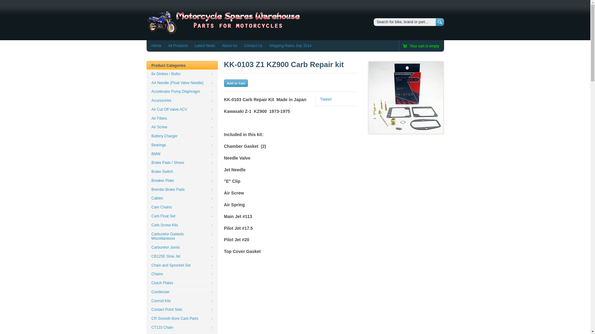 This screenshot has height=334, width=595. Describe the element at coordinates (146, 247) in the screenshot. I see `'Carburetor Joints'` at that location.